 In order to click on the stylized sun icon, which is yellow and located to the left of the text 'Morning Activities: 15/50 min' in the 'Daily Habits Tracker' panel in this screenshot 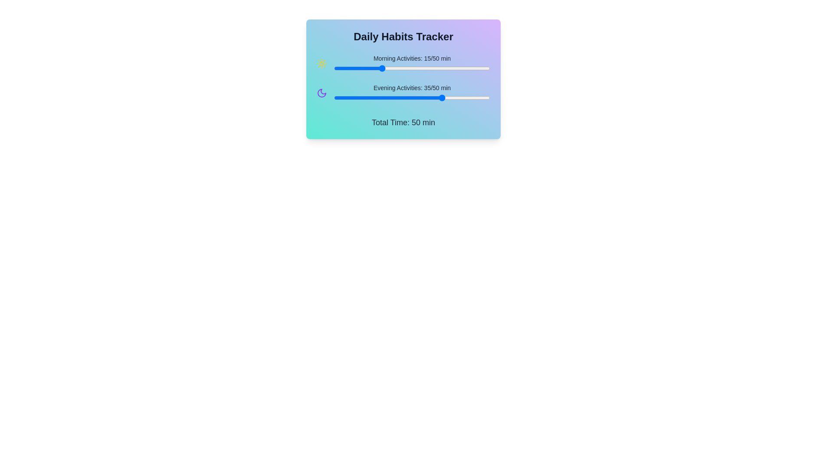, I will do `click(321, 63)`.